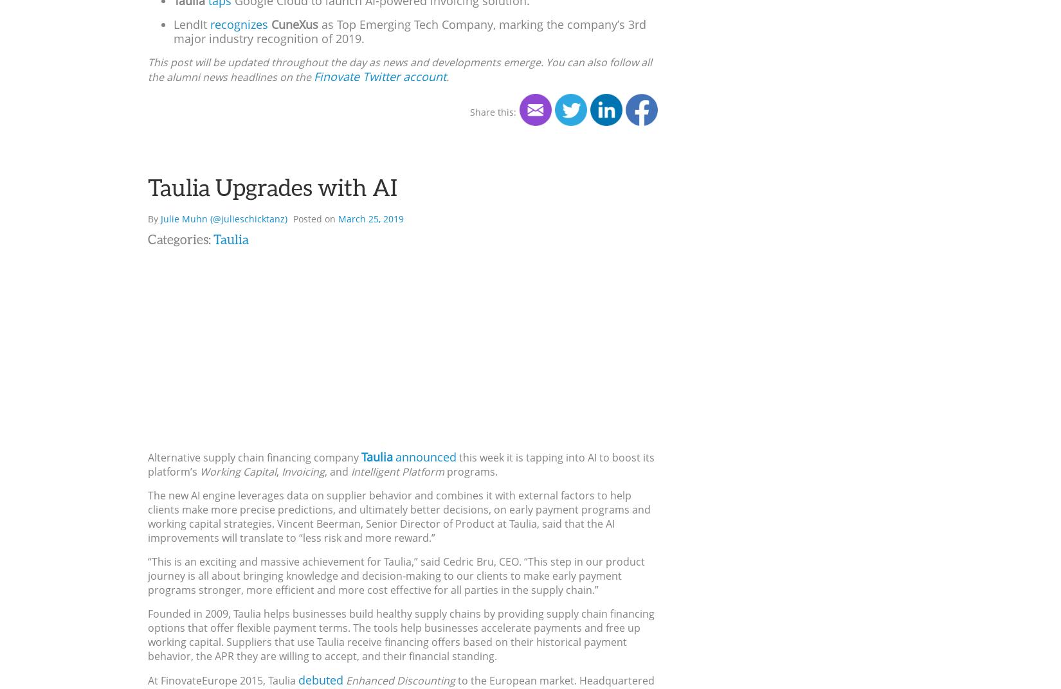 This screenshot has height=689, width=1061. I want to click on 'debuted', so click(320, 679).